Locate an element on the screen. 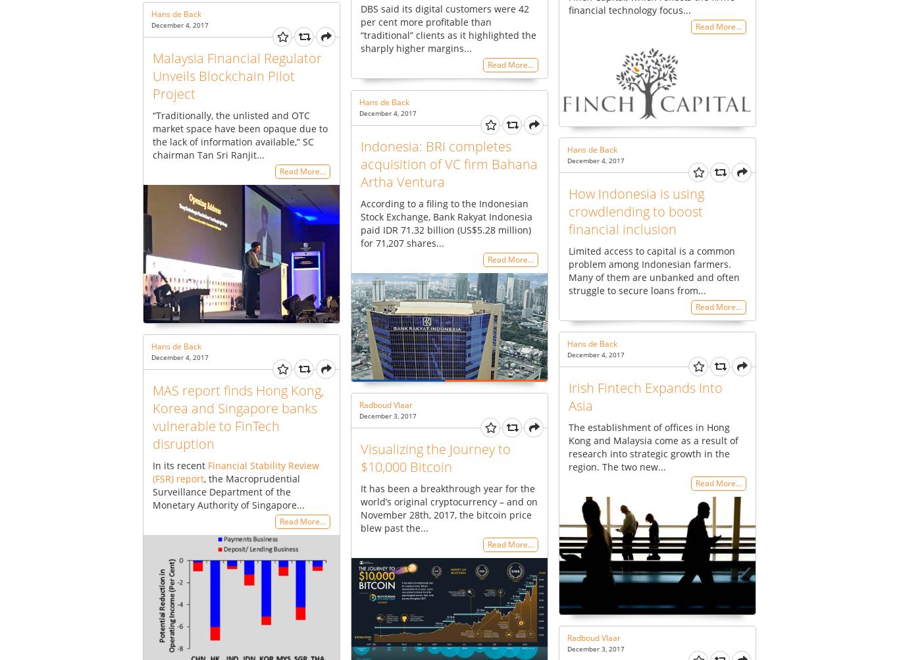 Image resolution: width=899 pixels, height=660 pixels. 'According to a filing to the Indonesian Stock Exchange, Bank Rakyat Indonesia paid IDR 71.32 billion (US$5.28 million) for 71,207 shares...' is located at coordinates (446, 222).